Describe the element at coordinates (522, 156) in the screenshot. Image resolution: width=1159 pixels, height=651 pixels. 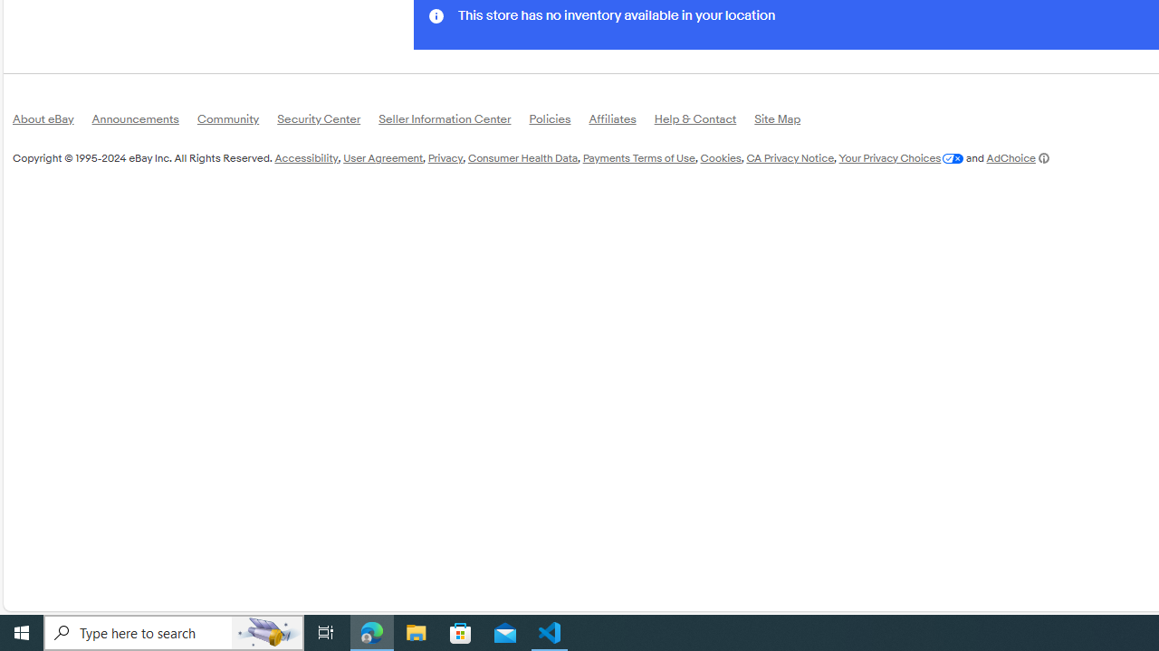
I see `'Consumer Health Data'` at that location.